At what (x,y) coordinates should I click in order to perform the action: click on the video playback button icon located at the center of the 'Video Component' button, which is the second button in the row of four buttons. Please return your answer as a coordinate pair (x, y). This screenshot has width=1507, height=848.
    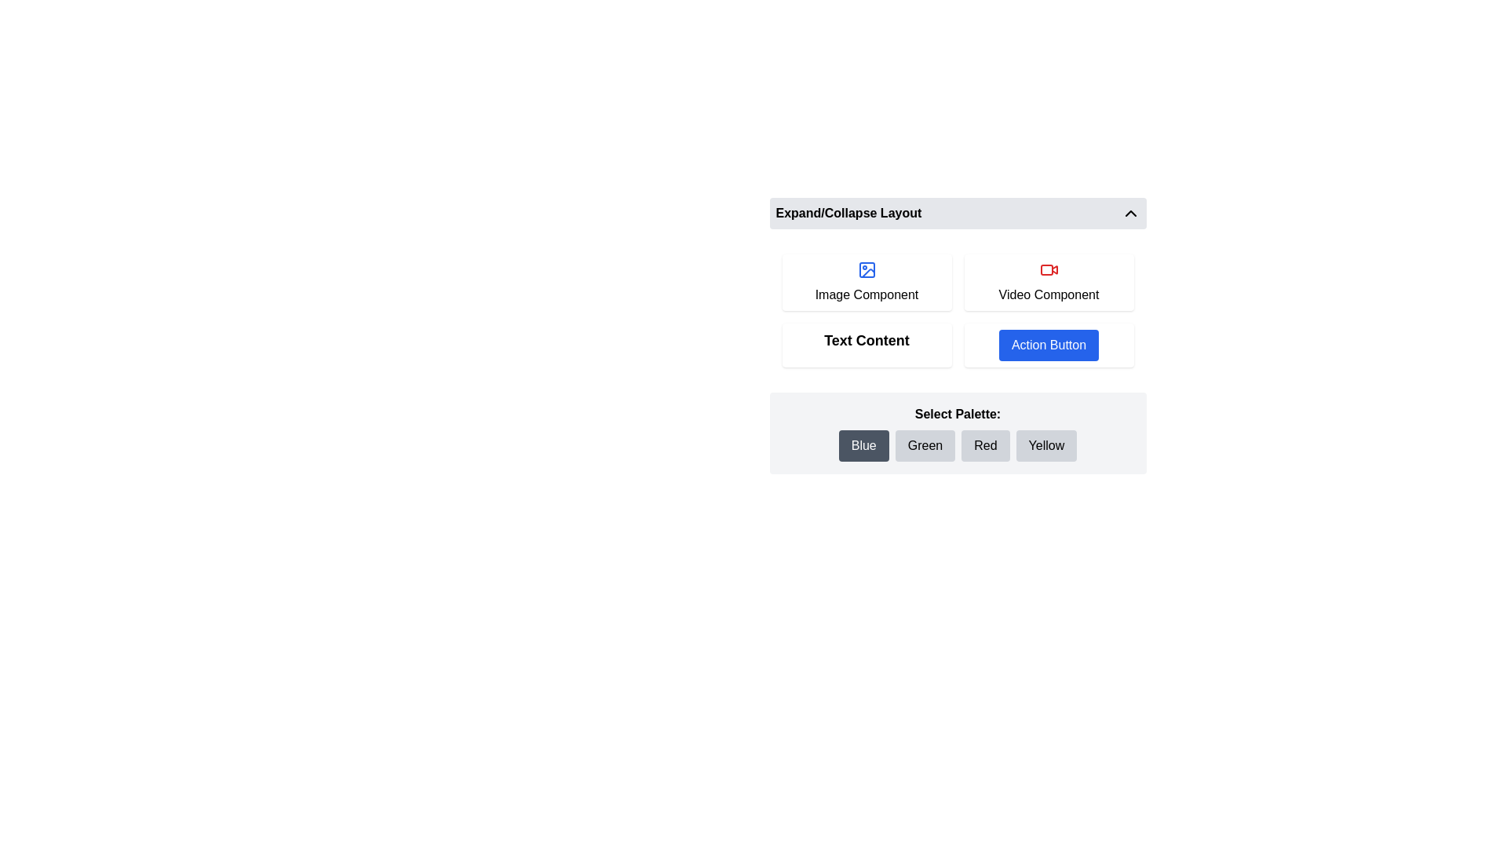
    Looking at the image, I should click on (1054, 269).